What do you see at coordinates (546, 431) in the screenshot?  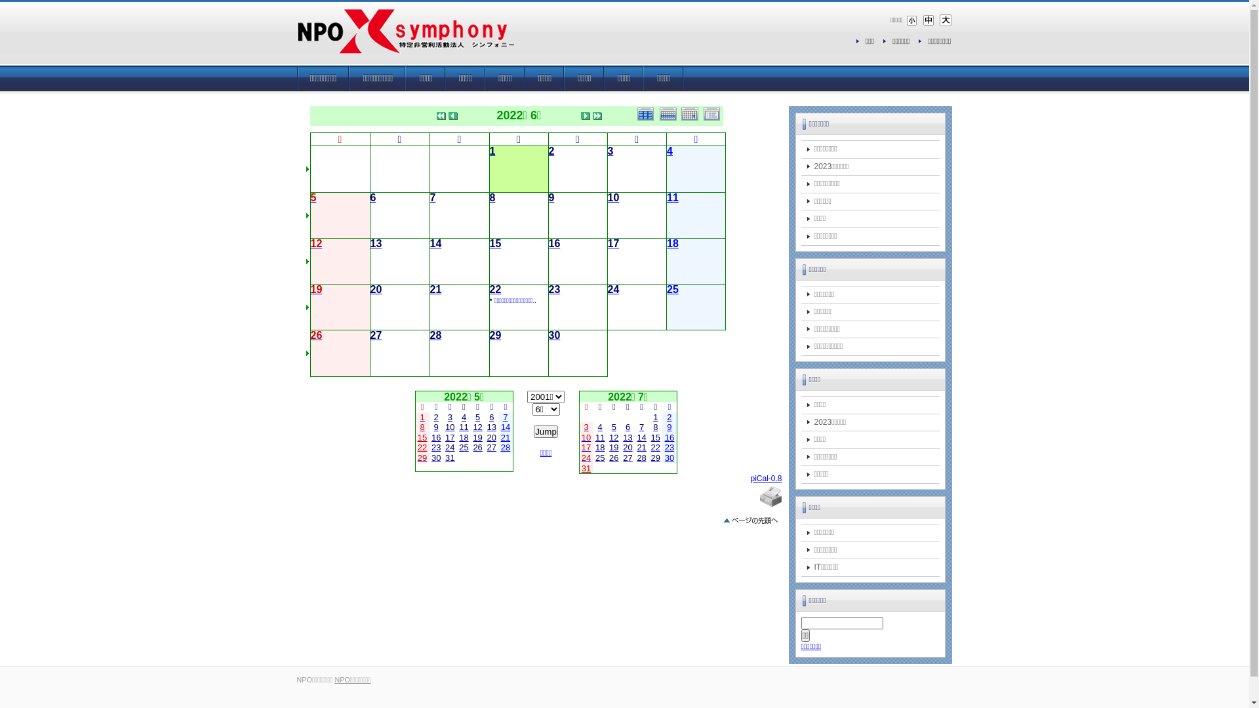 I see `'Jump'` at bounding box center [546, 431].